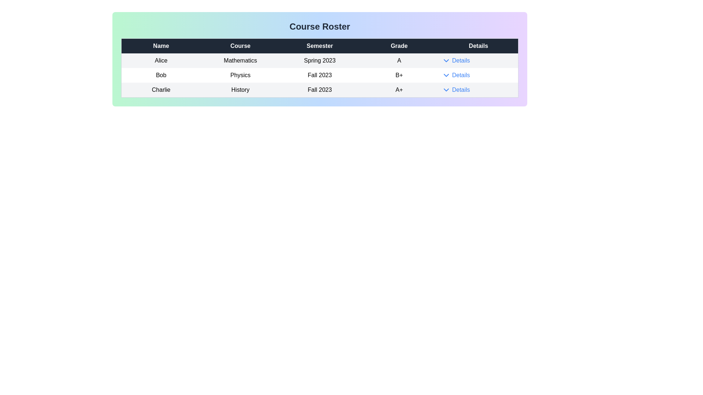  What do you see at coordinates (320, 46) in the screenshot?
I see `the 'Semester' header element, which categorizes the data in the corresponding column of the tabular interface` at bounding box center [320, 46].